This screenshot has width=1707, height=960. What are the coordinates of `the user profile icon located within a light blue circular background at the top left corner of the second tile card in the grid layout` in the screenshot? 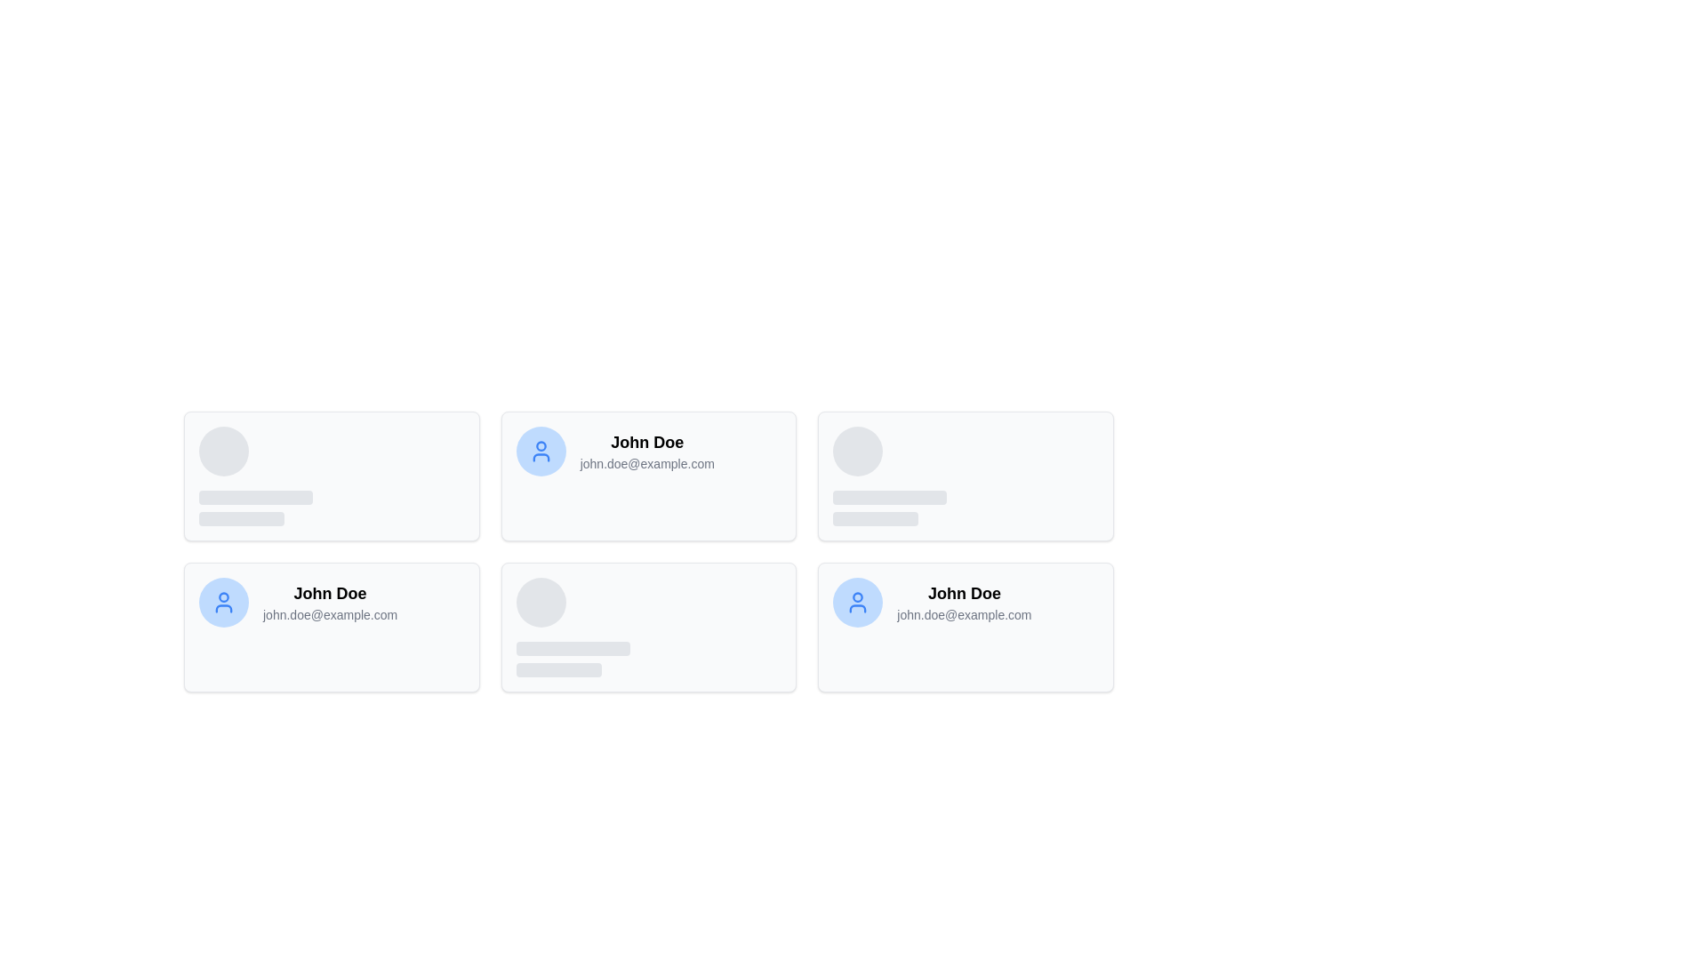 It's located at (858, 602).